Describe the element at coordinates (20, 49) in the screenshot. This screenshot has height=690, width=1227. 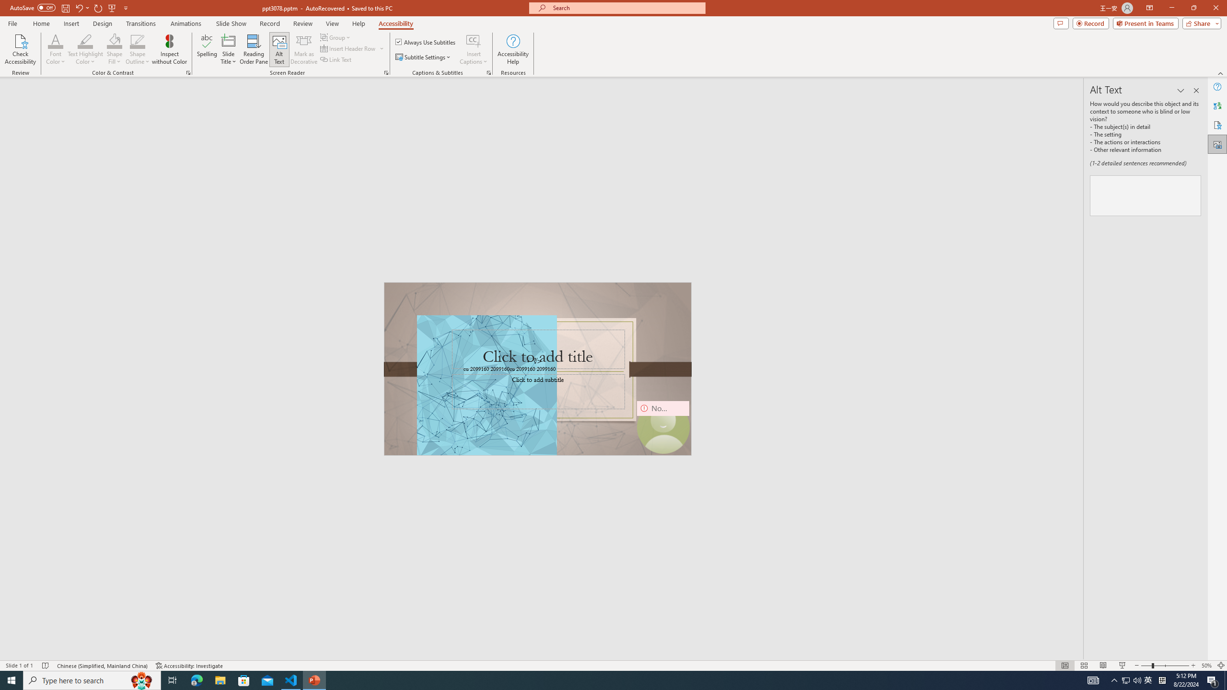
I see `'Check Accessibility'` at that location.